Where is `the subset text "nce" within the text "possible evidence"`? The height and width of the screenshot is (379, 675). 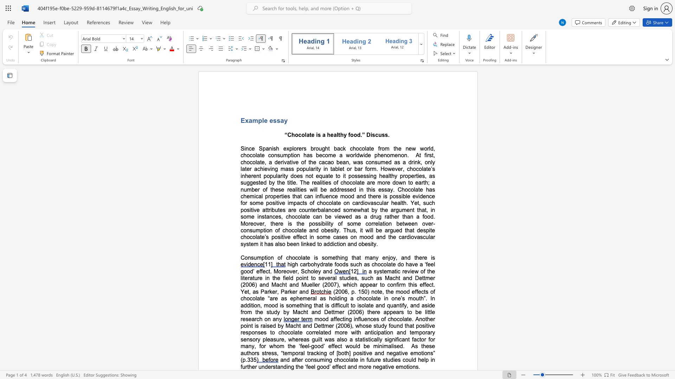 the subset text "nce" within the text "possible evidence" is located at coordinates (425, 196).